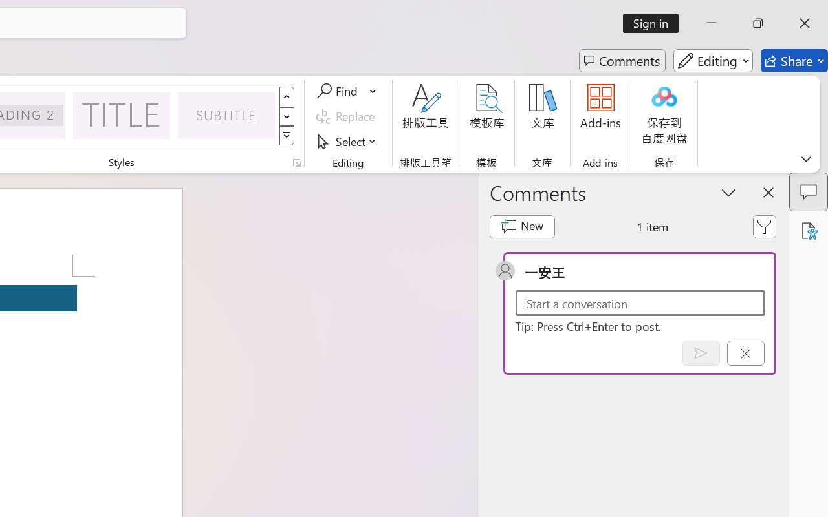 The image size is (828, 517). I want to click on 'Editing', so click(712, 61).